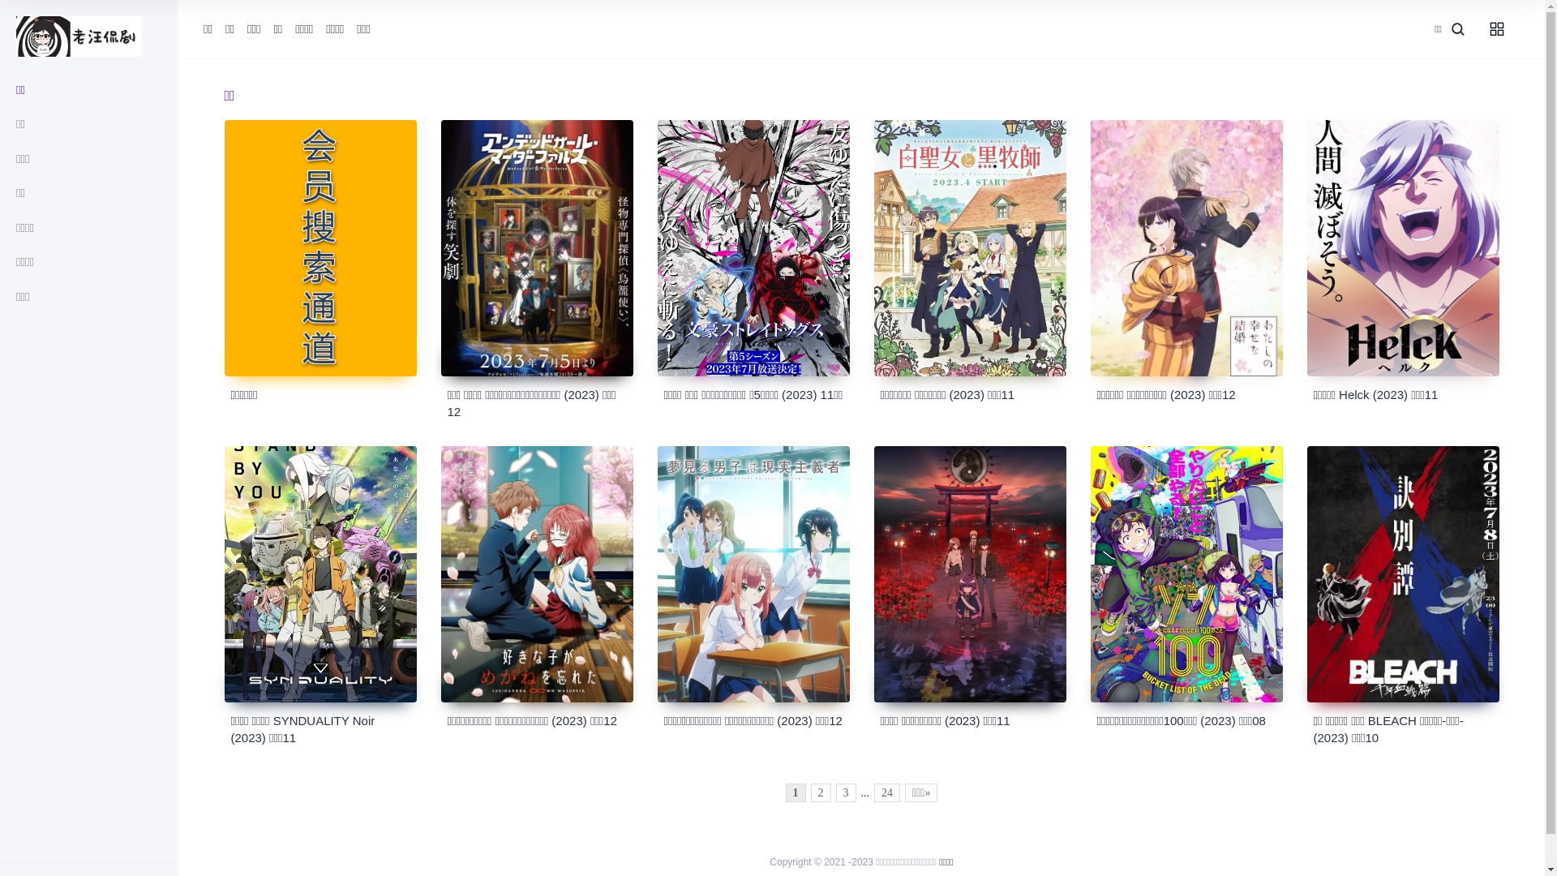  Describe the element at coordinates (873, 792) in the screenshot. I see `'24'` at that location.